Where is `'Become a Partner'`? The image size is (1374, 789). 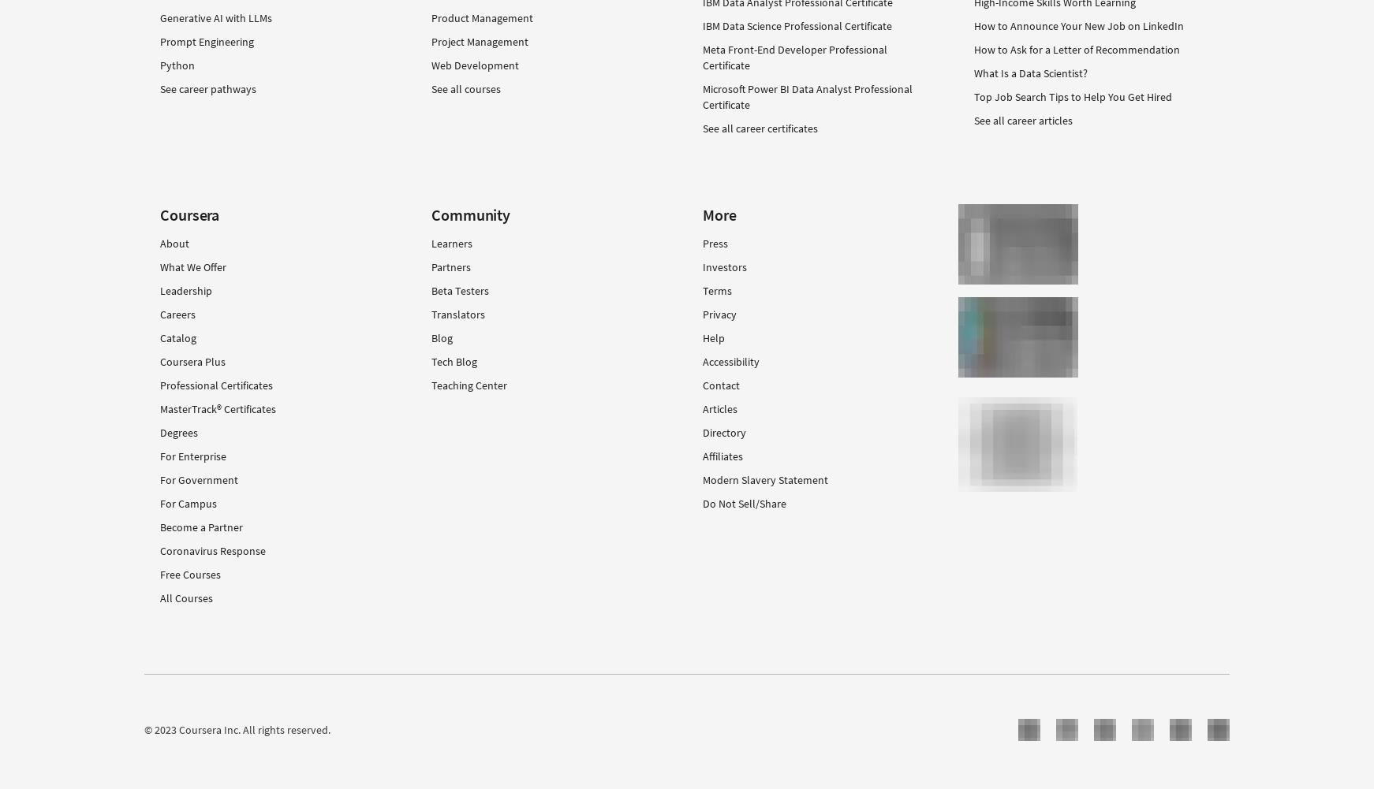
'Become a Partner' is located at coordinates (201, 526).